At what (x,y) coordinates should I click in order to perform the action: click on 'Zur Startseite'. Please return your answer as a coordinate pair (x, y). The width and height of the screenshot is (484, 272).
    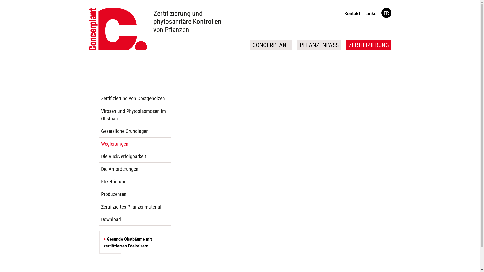
    Looking at the image, I should click on (117, 29).